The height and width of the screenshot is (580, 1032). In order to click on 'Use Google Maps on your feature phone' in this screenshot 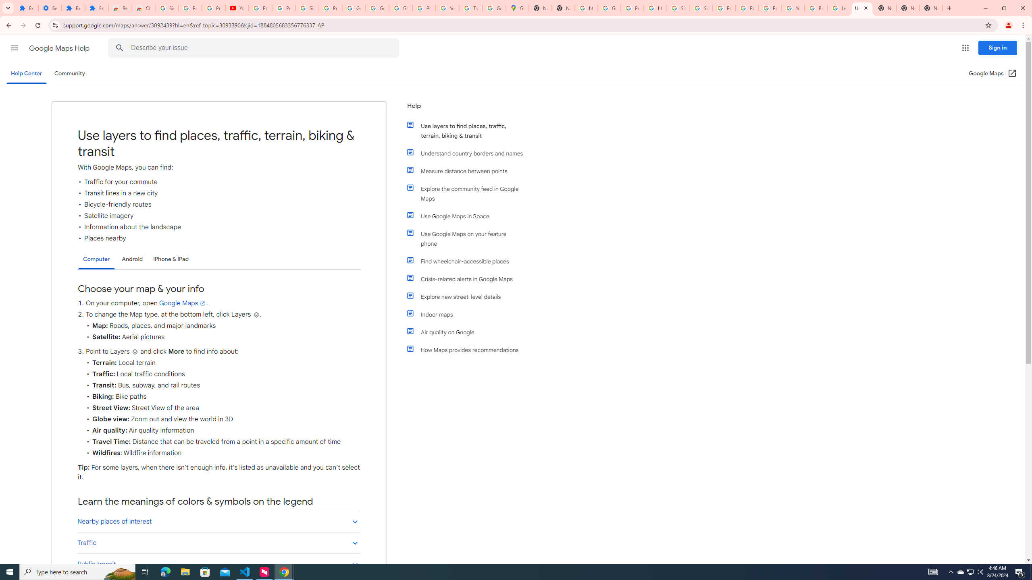, I will do `click(468, 238)`.